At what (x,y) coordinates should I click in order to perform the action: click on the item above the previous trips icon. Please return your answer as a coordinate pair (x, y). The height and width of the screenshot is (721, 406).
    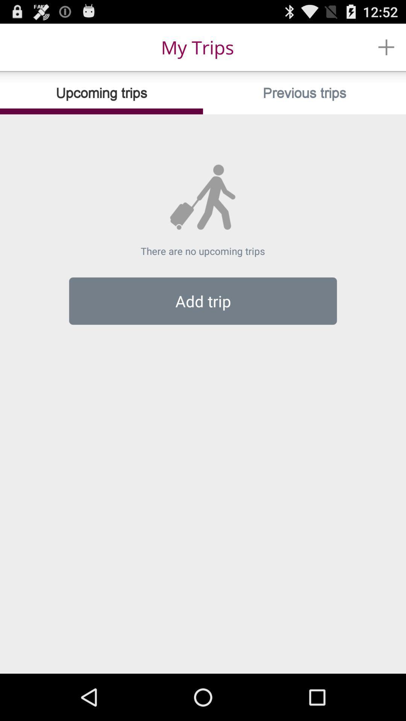
    Looking at the image, I should click on (386, 47).